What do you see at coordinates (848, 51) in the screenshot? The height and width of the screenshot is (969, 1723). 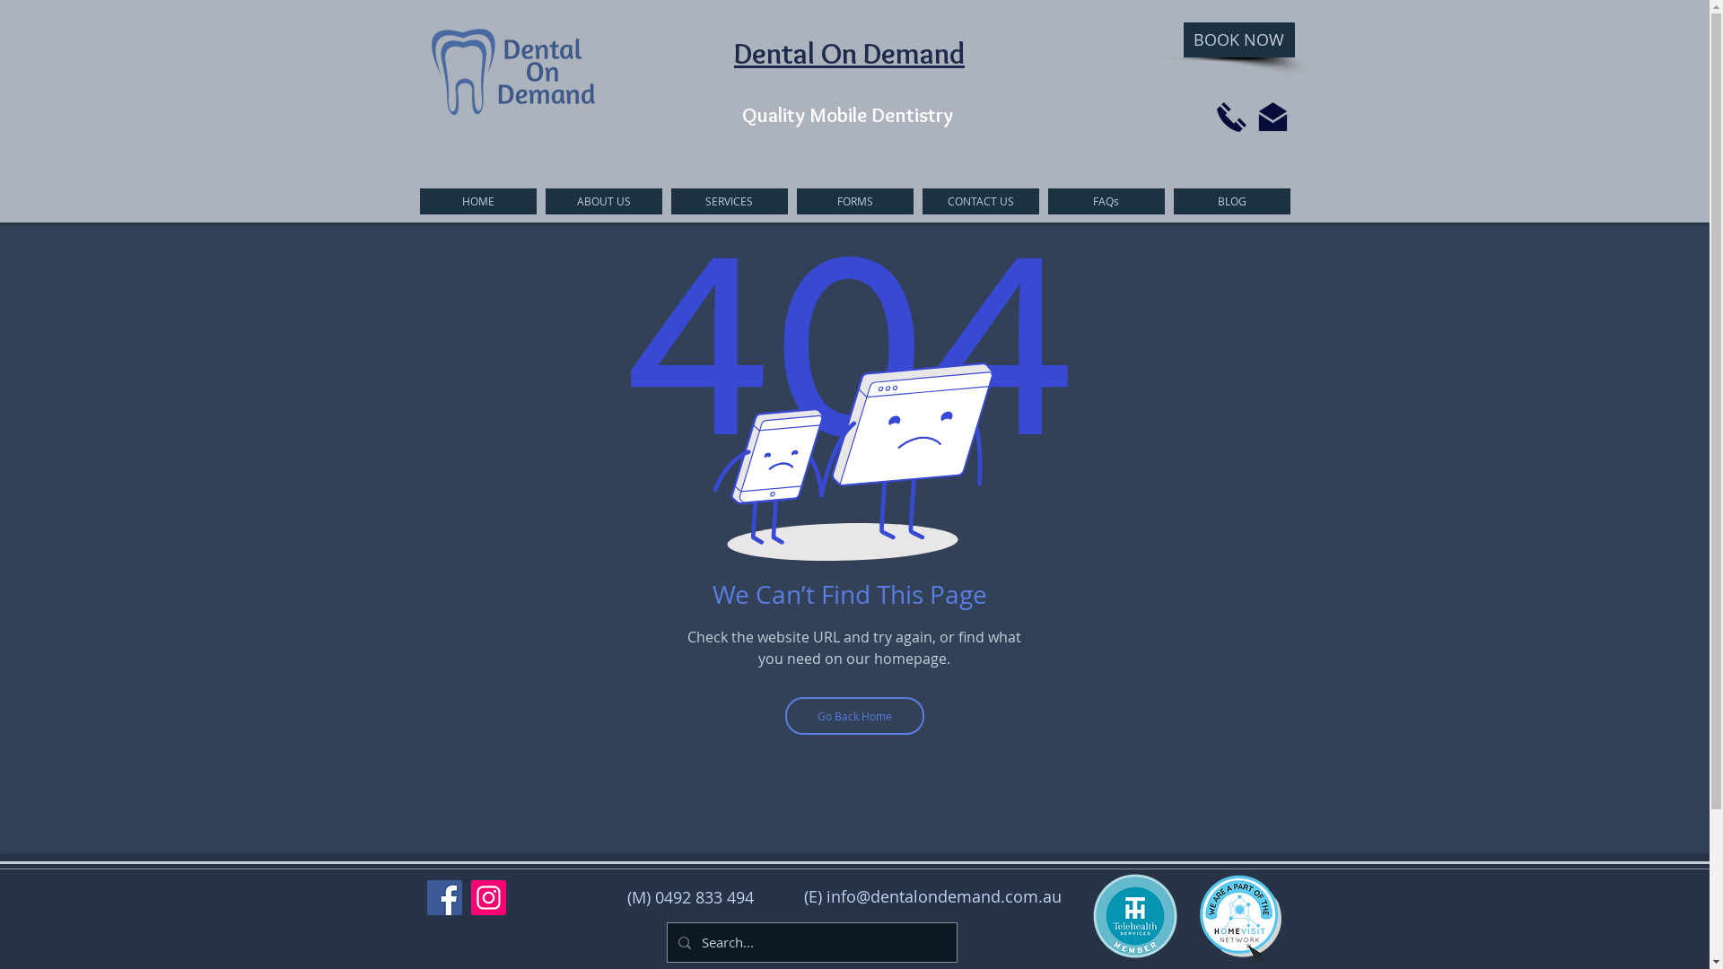 I see `'Dental On Demand'` at bounding box center [848, 51].